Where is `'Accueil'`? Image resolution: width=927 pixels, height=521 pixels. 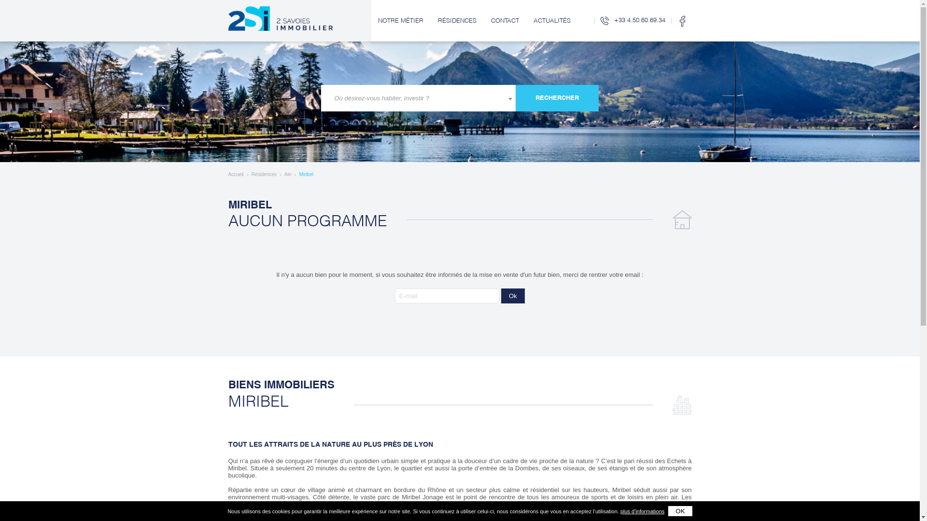
'Accueil' is located at coordinates (236, 174).